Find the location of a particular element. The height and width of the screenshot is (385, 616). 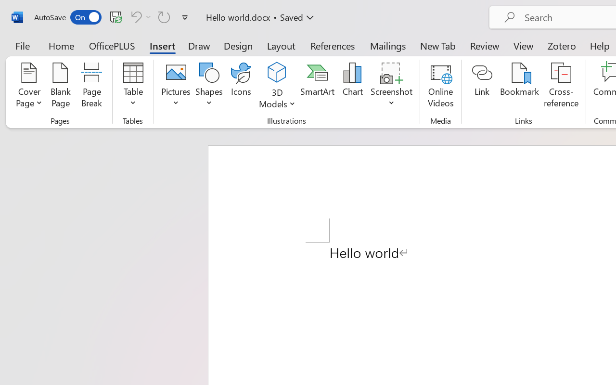

'Chart...' is located at coordinates (352, 86).